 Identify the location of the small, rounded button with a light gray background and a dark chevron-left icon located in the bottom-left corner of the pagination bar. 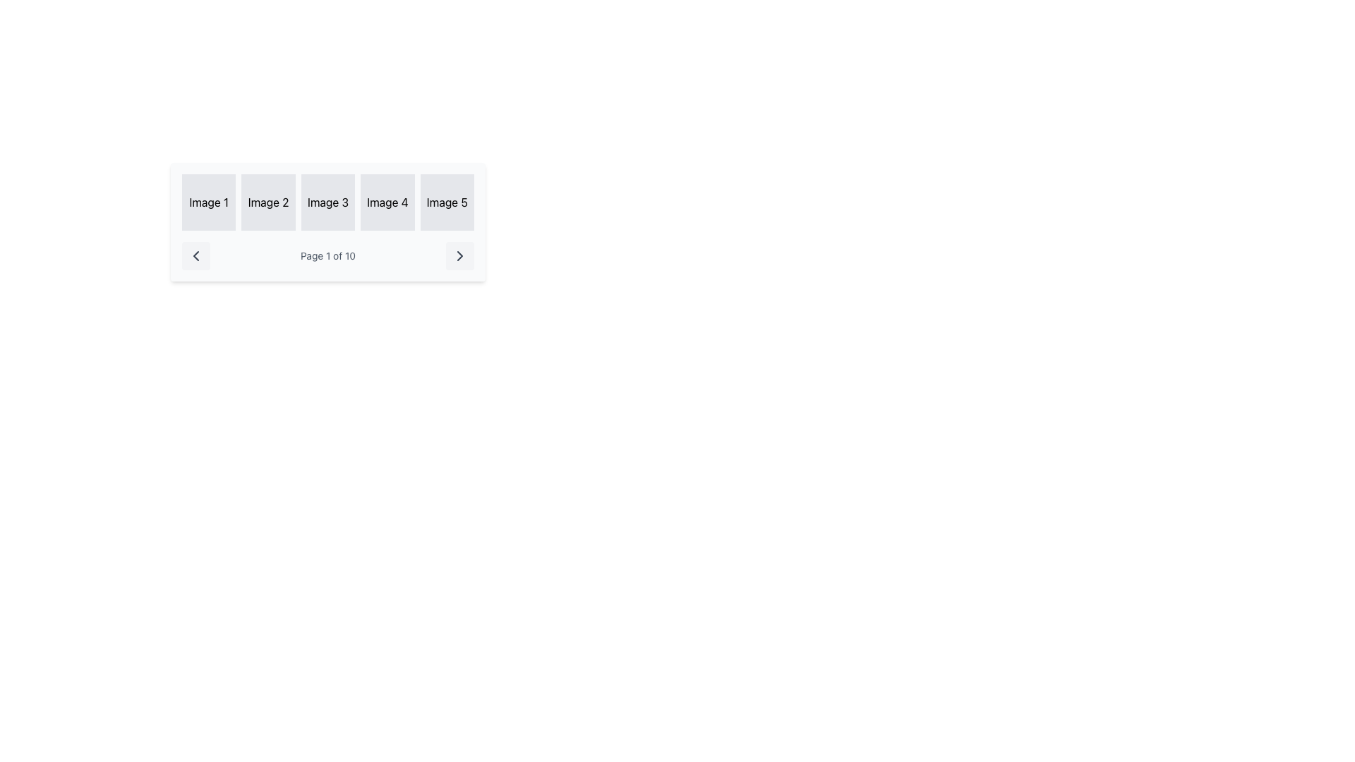
(195, 255).